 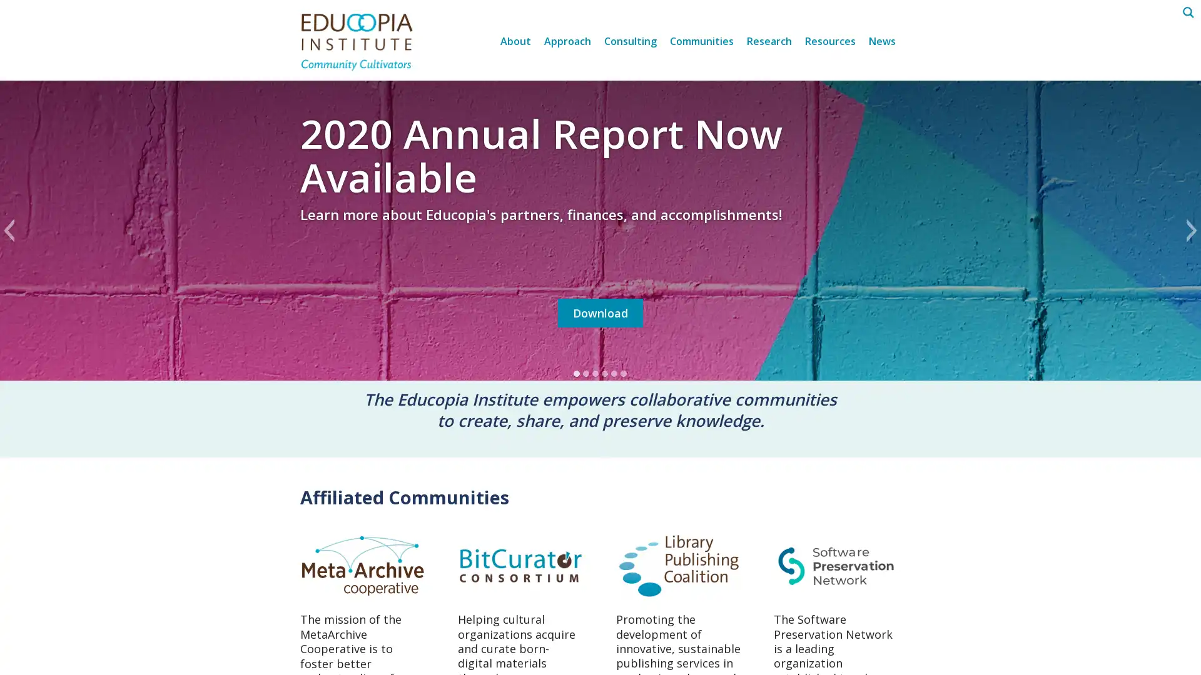 I want to click on Go to slide 6, so click(x=624, y=373).